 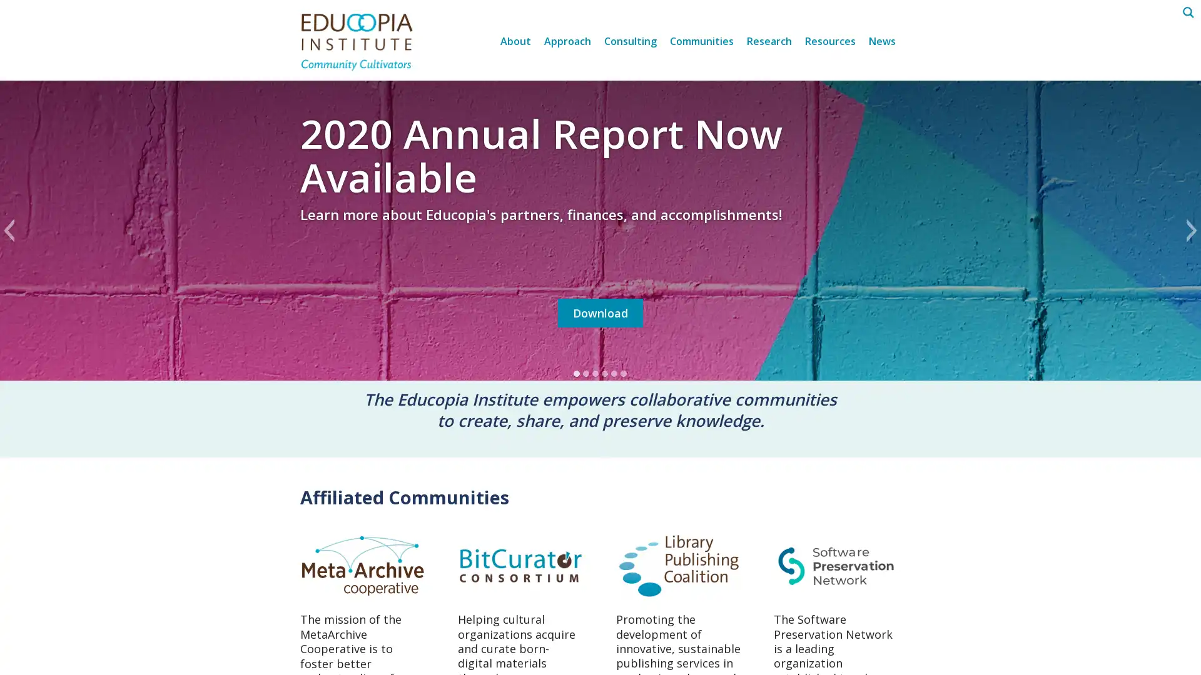 I want to click on Go to slide 6, so click(x=624, y=373).